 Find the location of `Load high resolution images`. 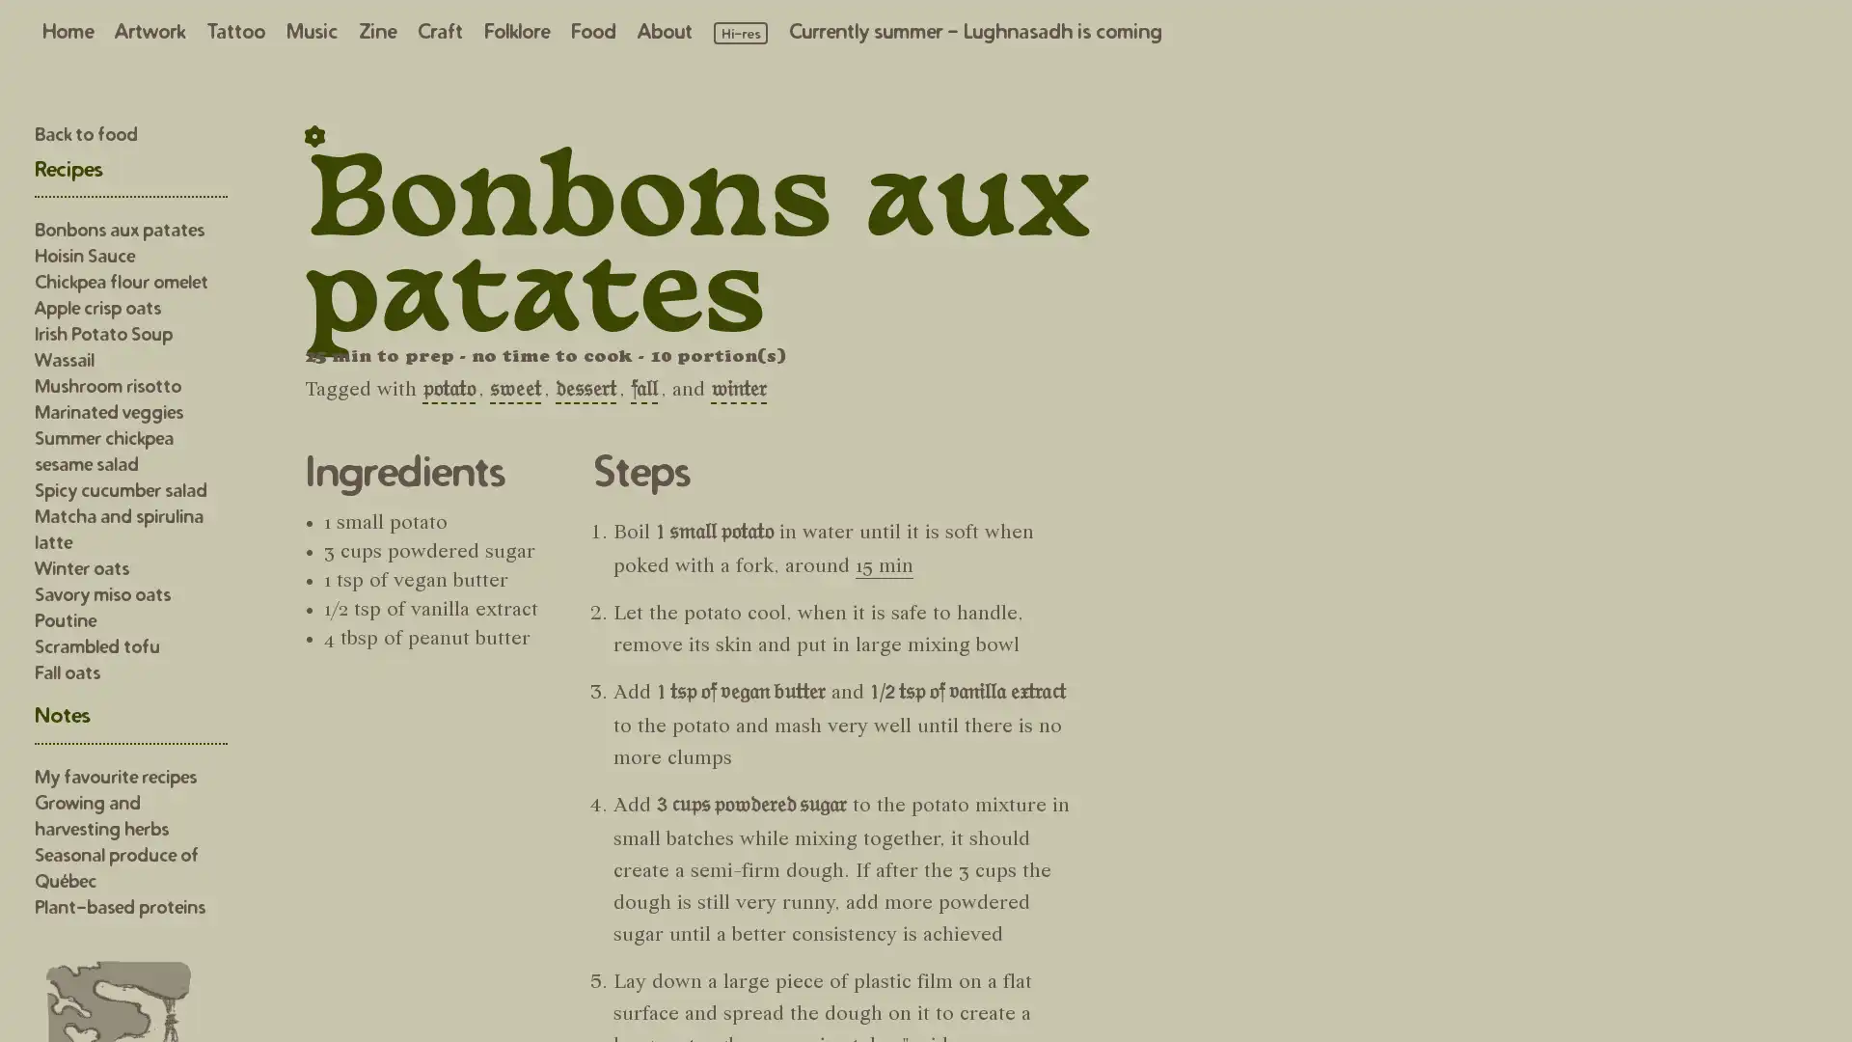

Load high resolution images is located at coordinates (740, 33).